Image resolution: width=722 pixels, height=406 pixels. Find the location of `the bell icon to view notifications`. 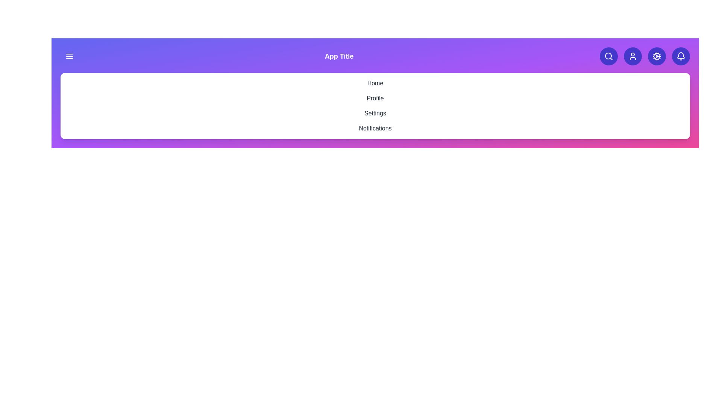

the bell icon to view notifications is located at coordinates (681, 56).